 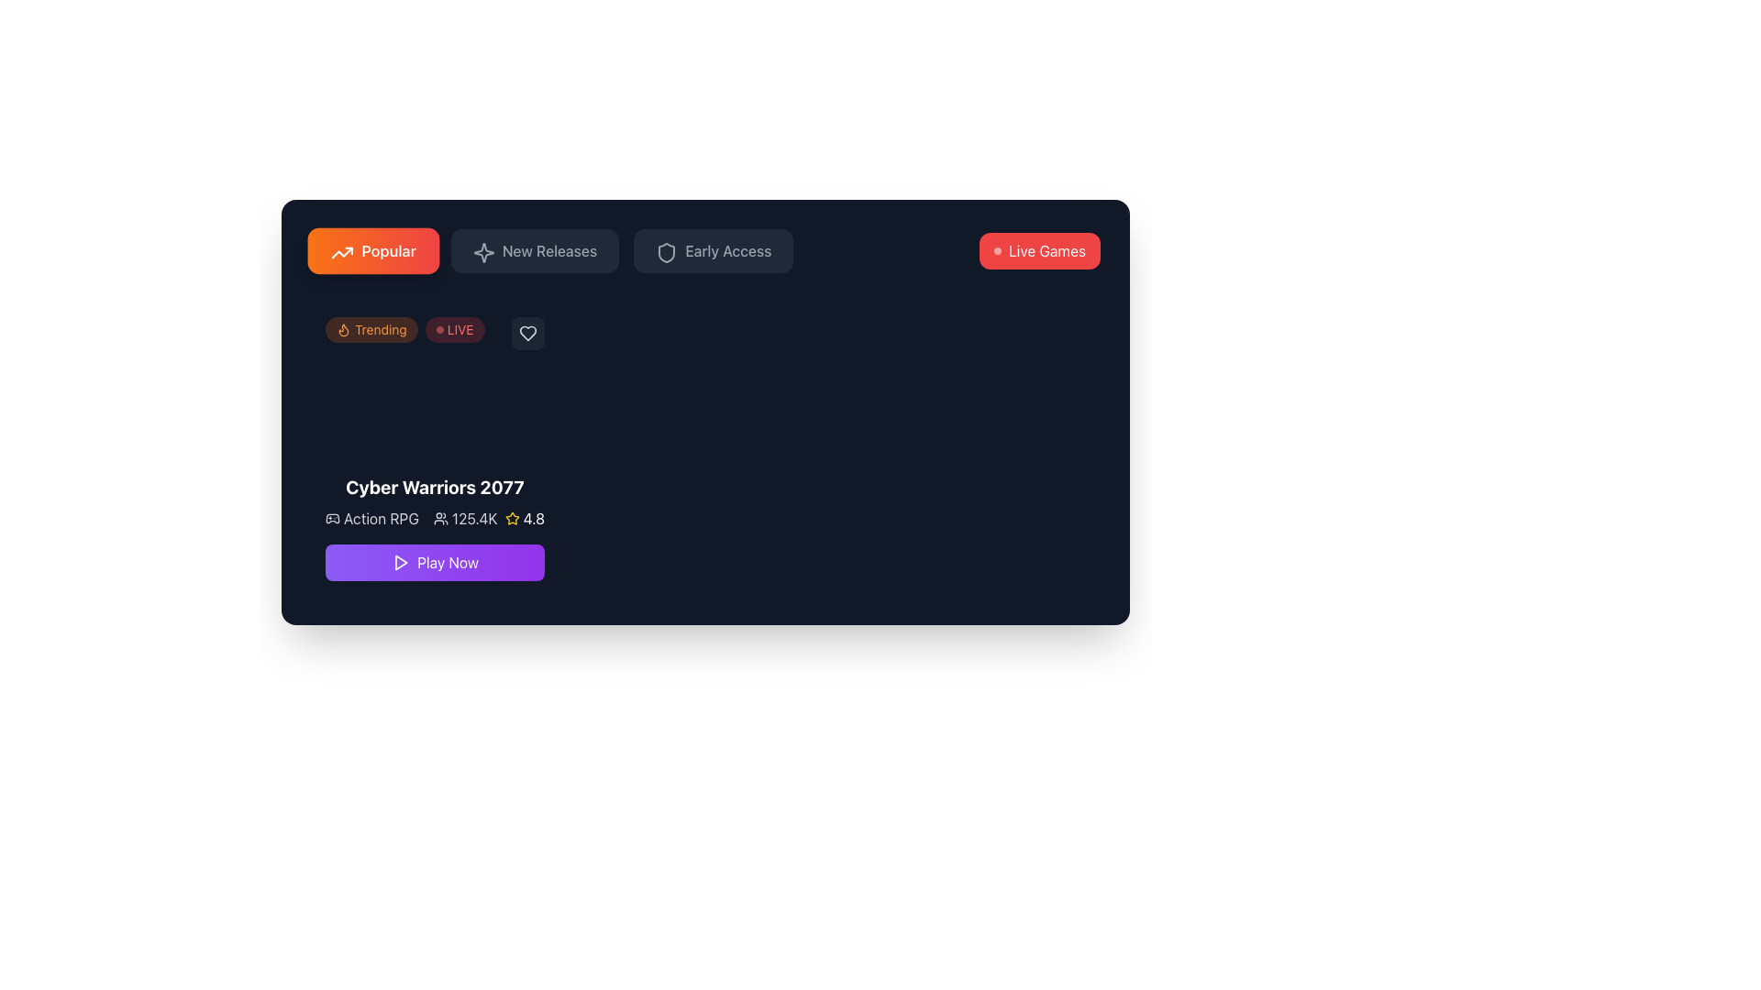 What do you see at coordinates (666, 253) in the screenshot?
I see `the shield-like icon located in the 'Early Access' section, positioned to the right of the 'New Releases' button` at bounding box center [666, 253].